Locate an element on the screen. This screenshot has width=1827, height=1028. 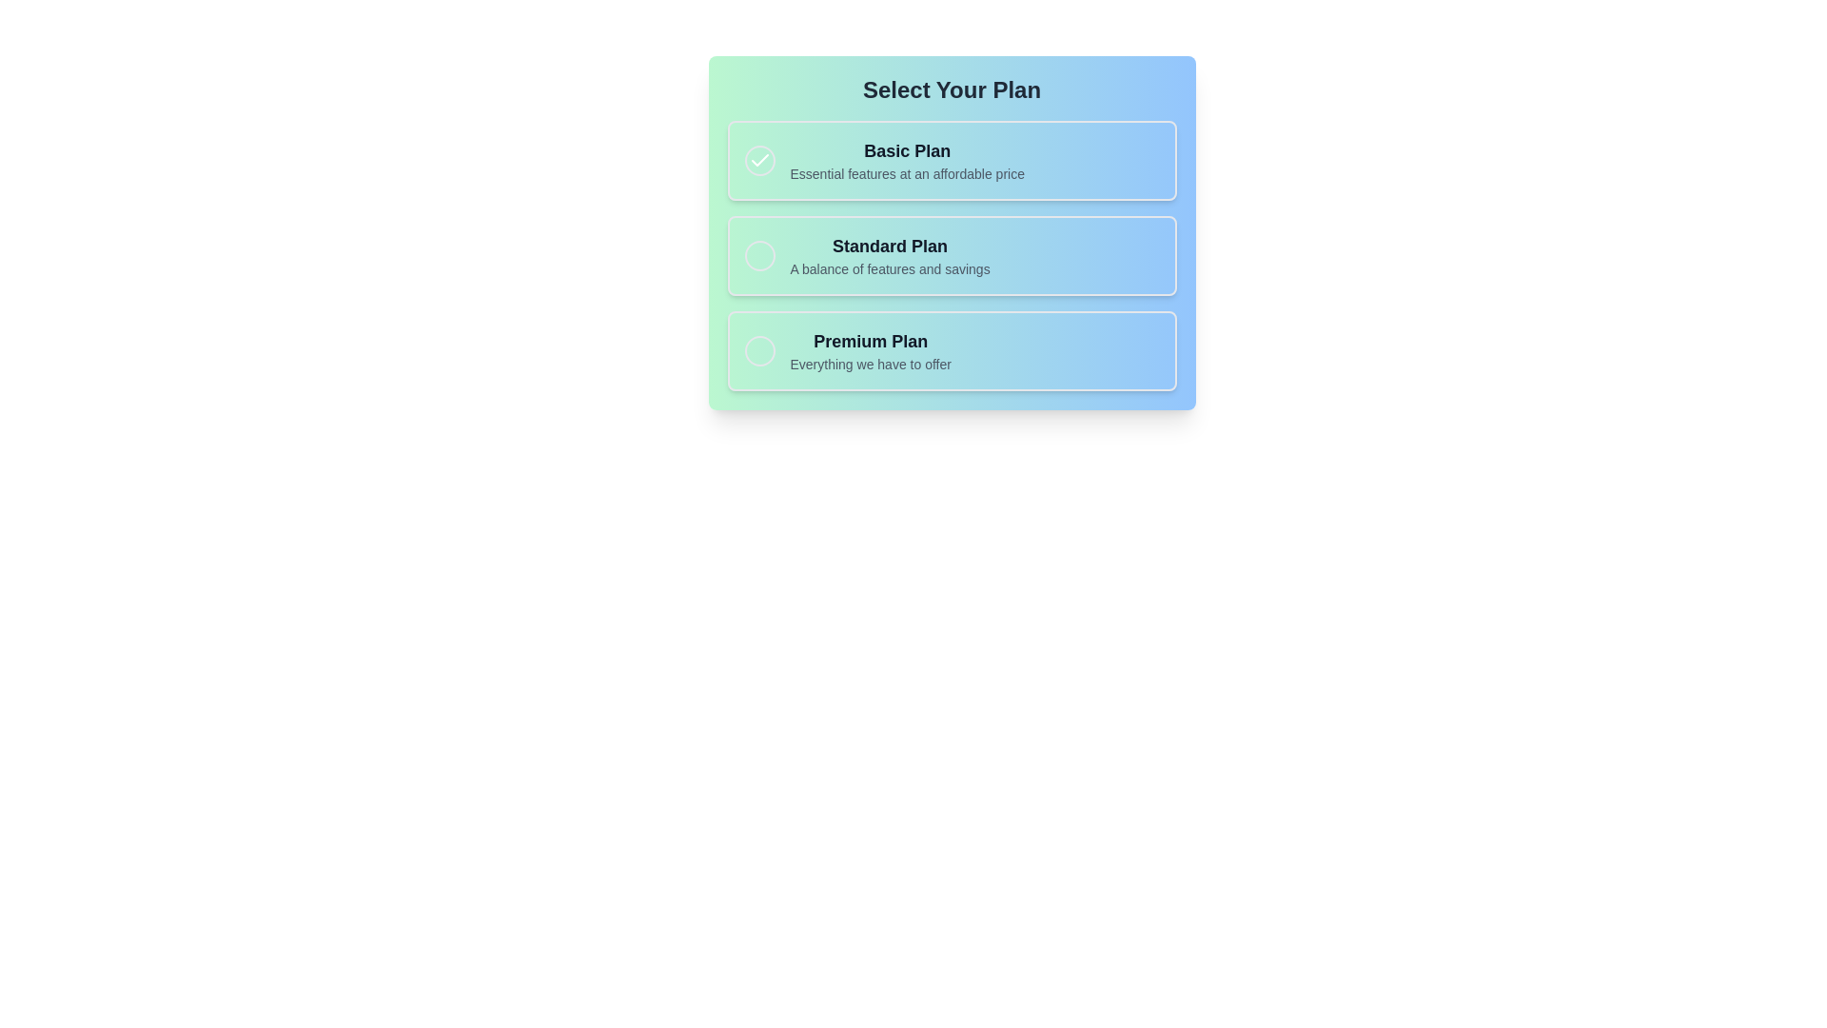
the SVG-based checkmark icon indicating the selected state of the 'Basic Plan' option located in the top-left corner of its list item is located at coordinates (758, 159).